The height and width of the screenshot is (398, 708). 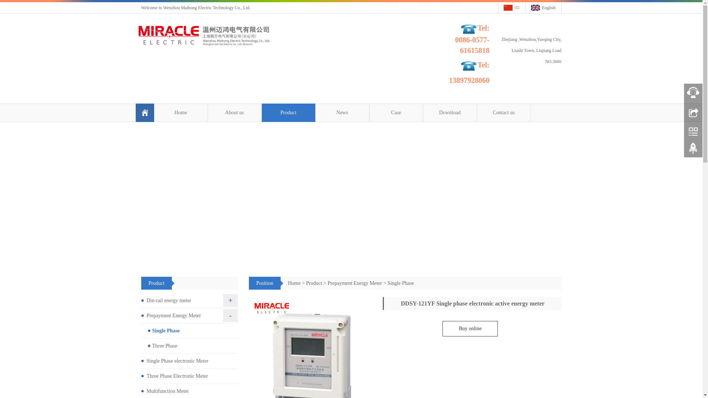 I want to click on 'Three Phase Electronic Meter', so click(x=189, y=376).